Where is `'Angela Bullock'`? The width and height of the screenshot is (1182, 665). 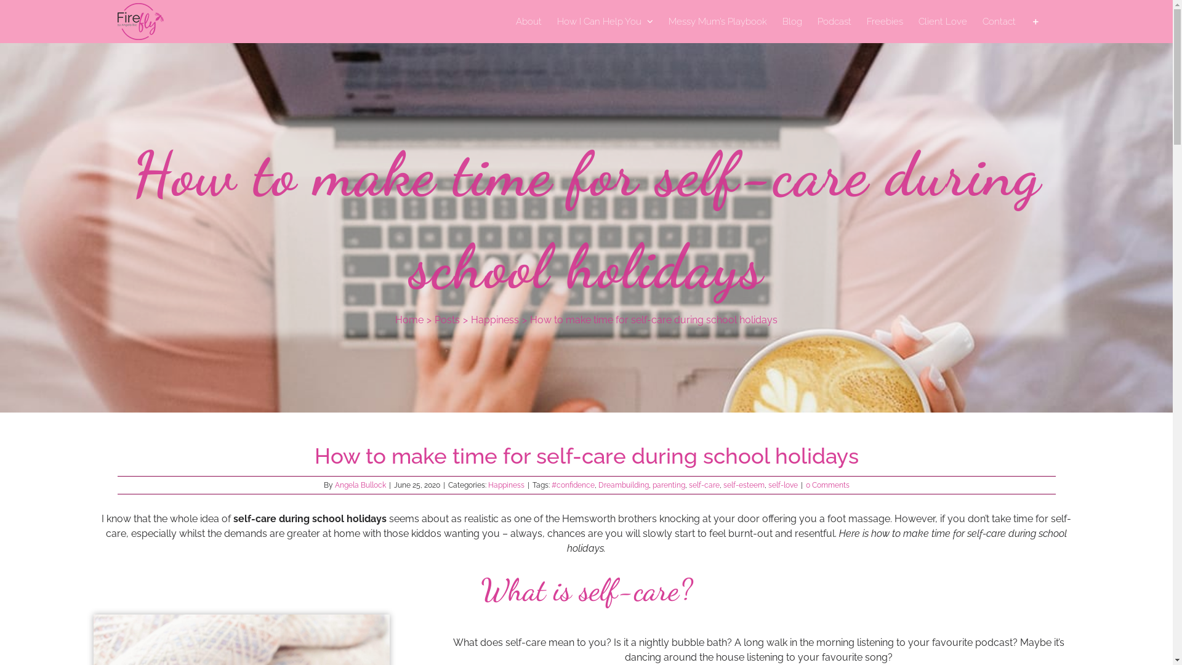 'Angela Bullock' is located at coordinates (334, 484).